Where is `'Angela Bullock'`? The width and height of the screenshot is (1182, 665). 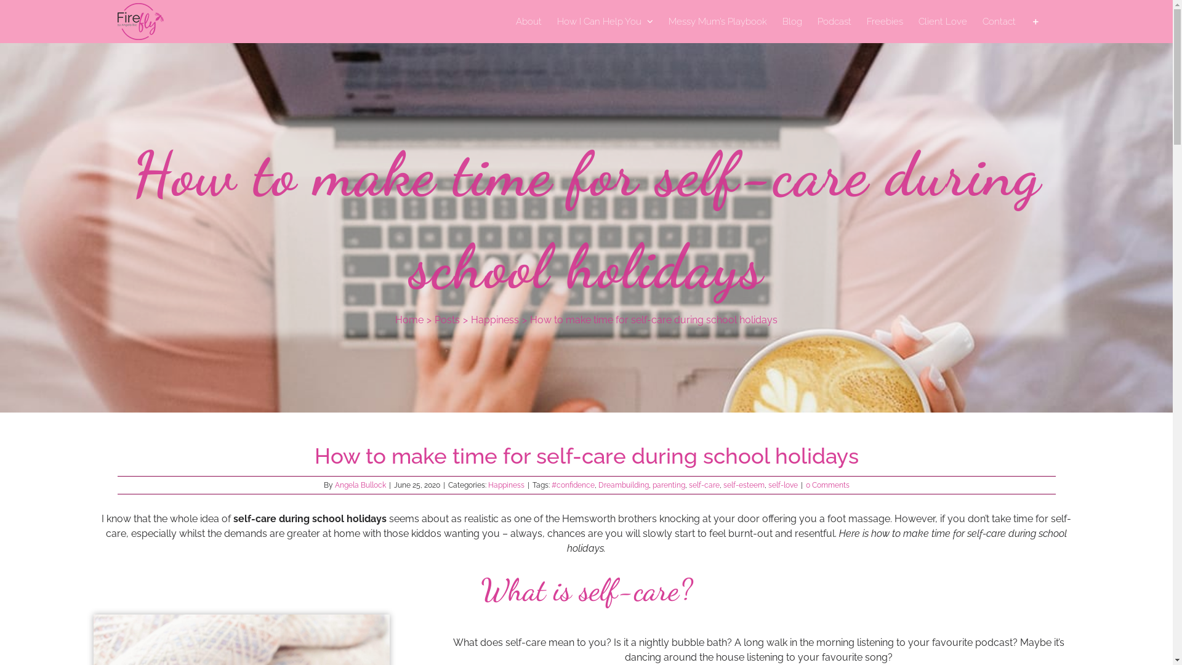 'Angela Bullock' is located at coordinates (334, 484).